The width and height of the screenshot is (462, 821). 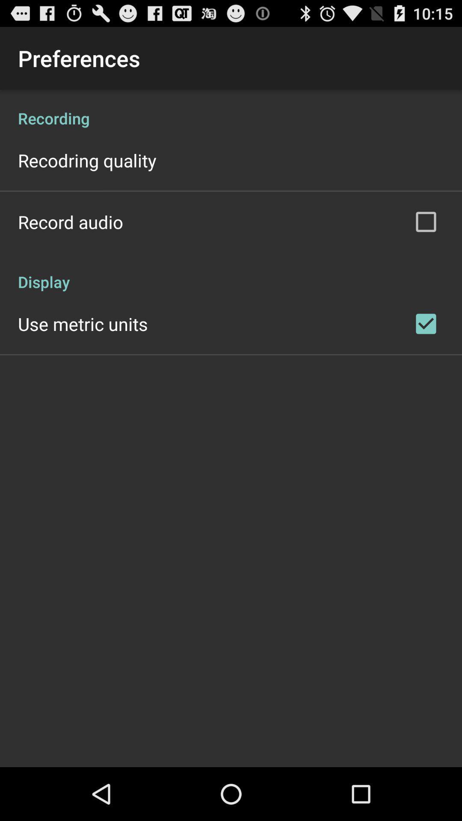 I want to click on item below the display app, so click(x=83, y=323).